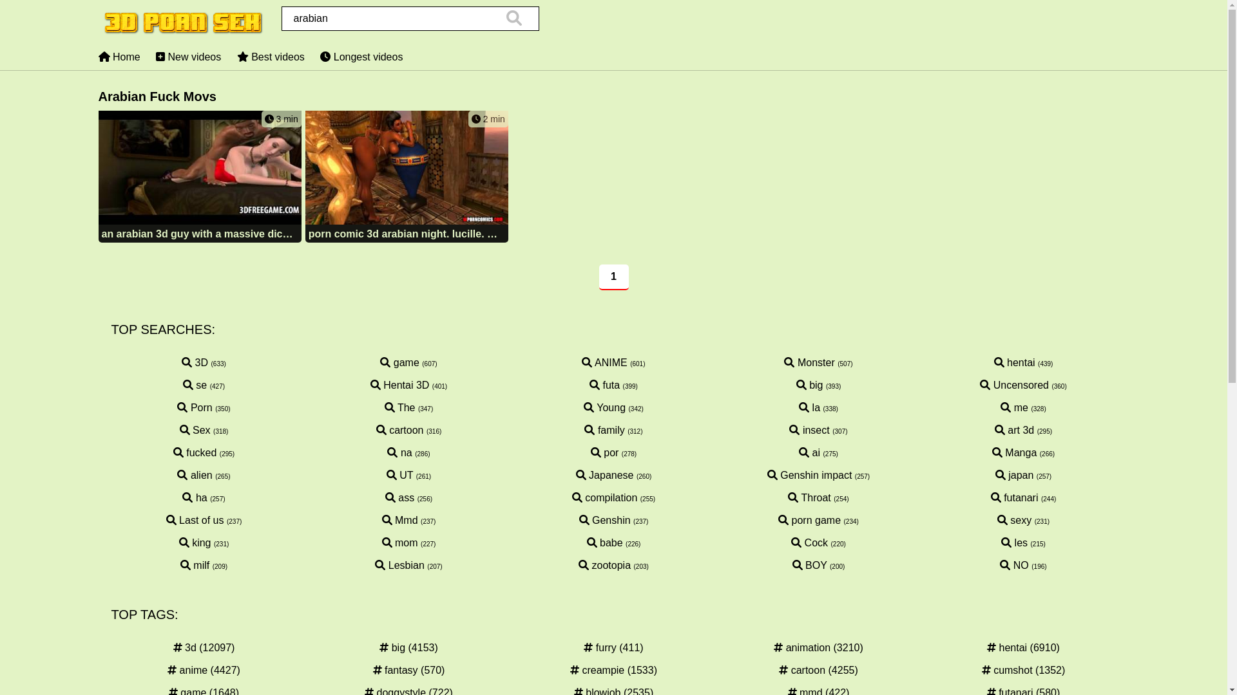 Image resolution: width=1237 pixels, height=695 pixels. Describe the element at coordinates (1013, 475) in the screenshot. I see `'japan'` at that location.